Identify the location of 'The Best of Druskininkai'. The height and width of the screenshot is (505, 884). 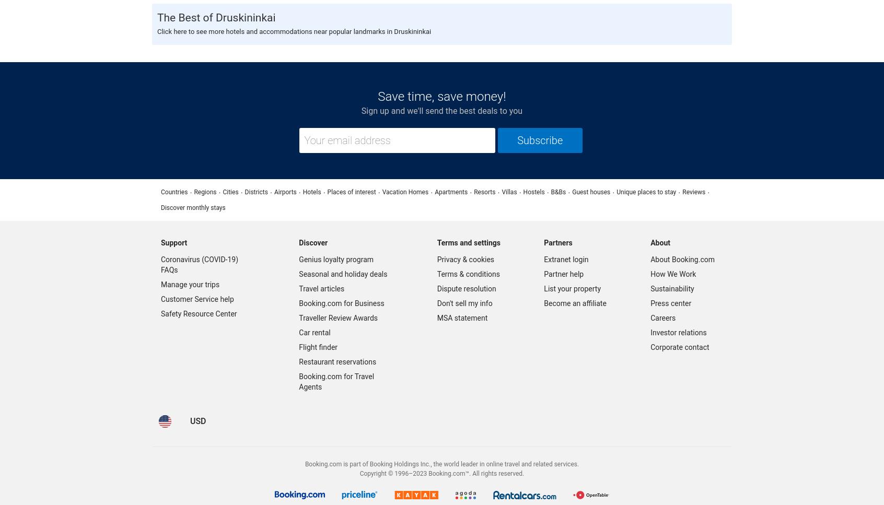
(216, 17).